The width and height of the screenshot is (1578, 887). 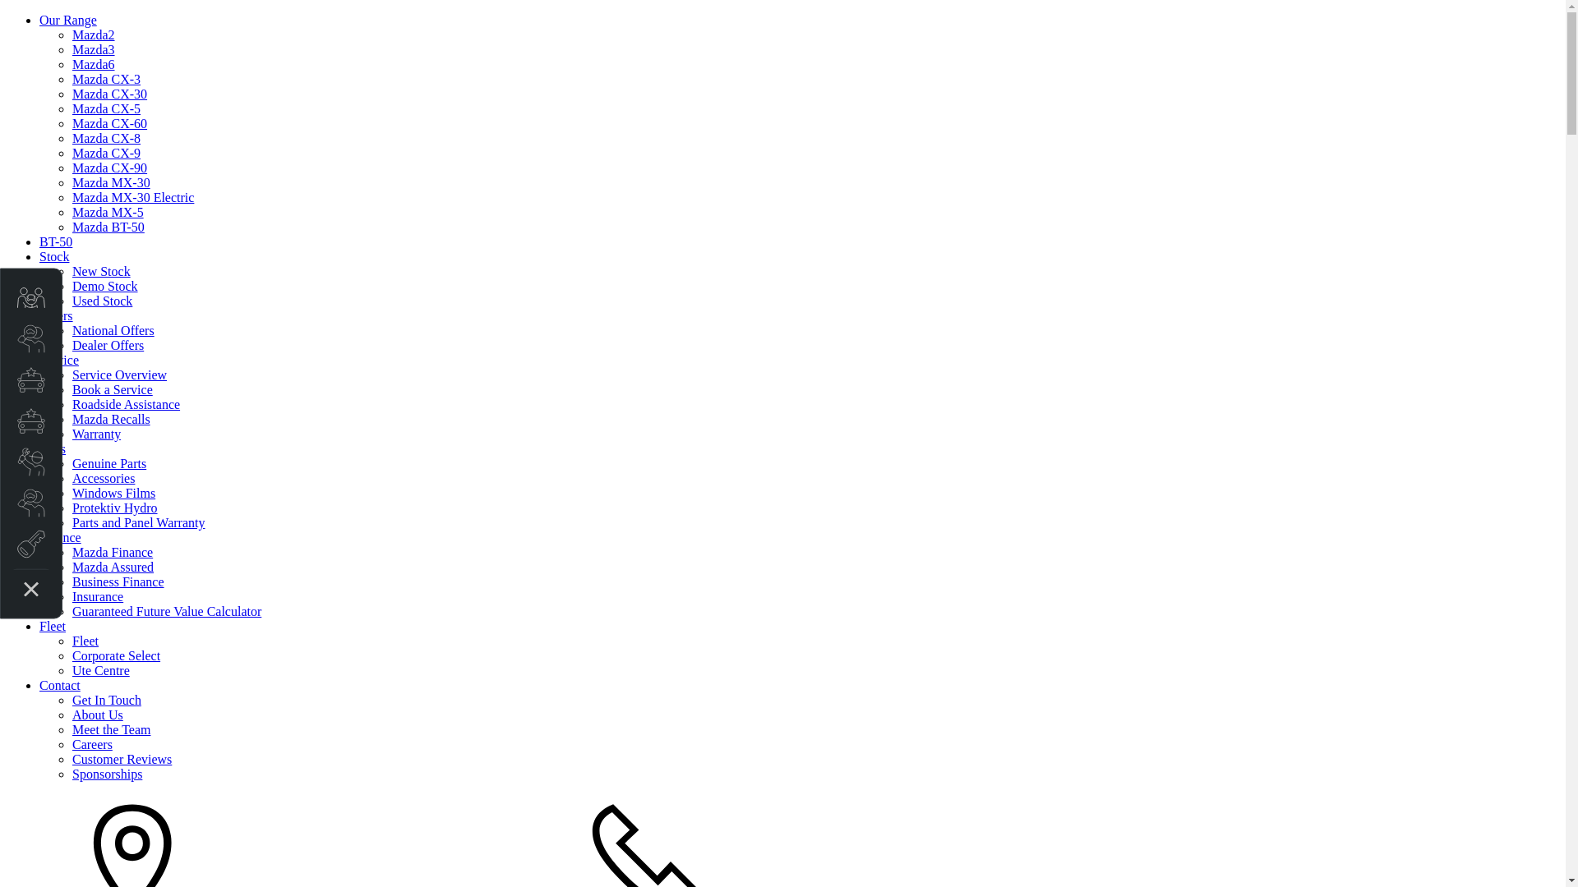 I want to click on 'Sponsorships', so click(x=106, y=774).